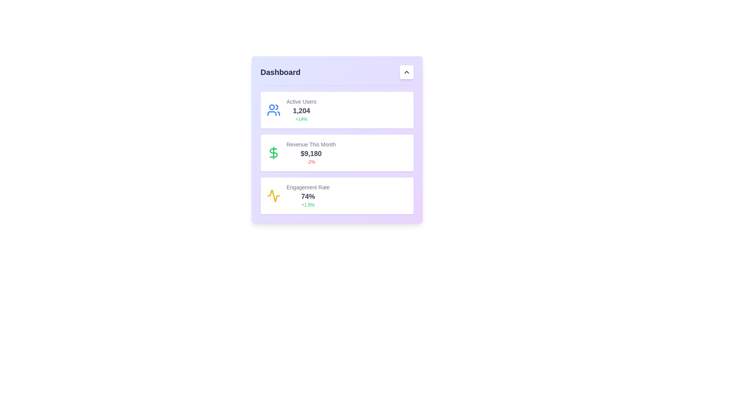 Image resolution: width=734 pixels, height=413 pixels. Describe the element at coordinates (276, 107) in the screenshot. I see `the small blue arc representing the upper part of the head of the second figure in the 'Active Users' user icon located at the top-left of the dashboard` at that location.